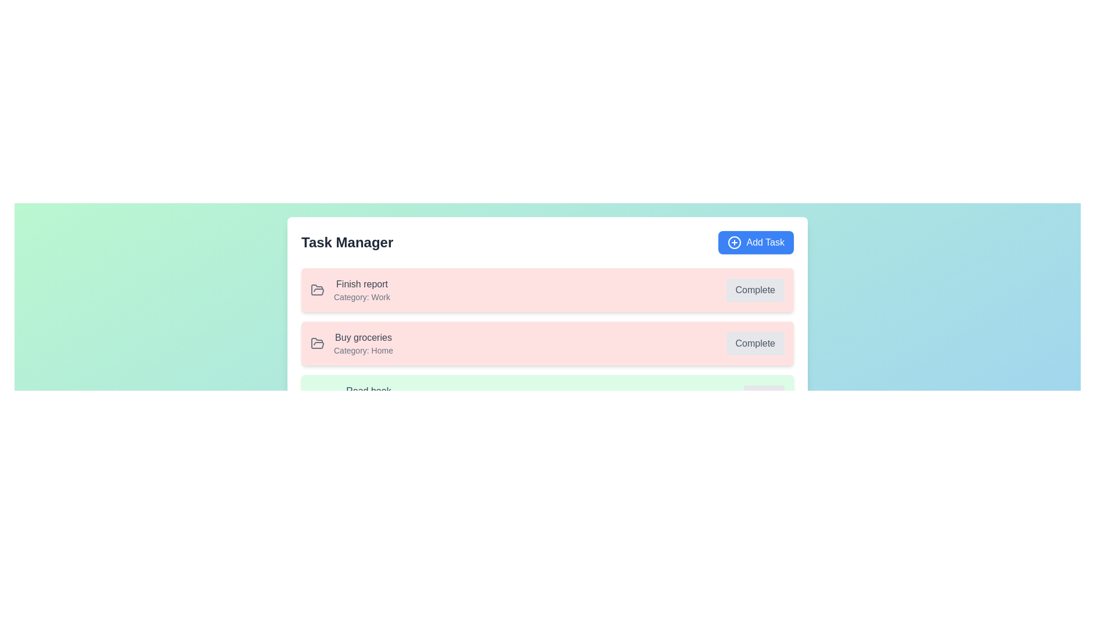 The height and width of the screenshot is (627, 1115). Describe the element at coordinates (350, 290) in the screenshot. I see `the text label with an icon in the first task card` at that location.